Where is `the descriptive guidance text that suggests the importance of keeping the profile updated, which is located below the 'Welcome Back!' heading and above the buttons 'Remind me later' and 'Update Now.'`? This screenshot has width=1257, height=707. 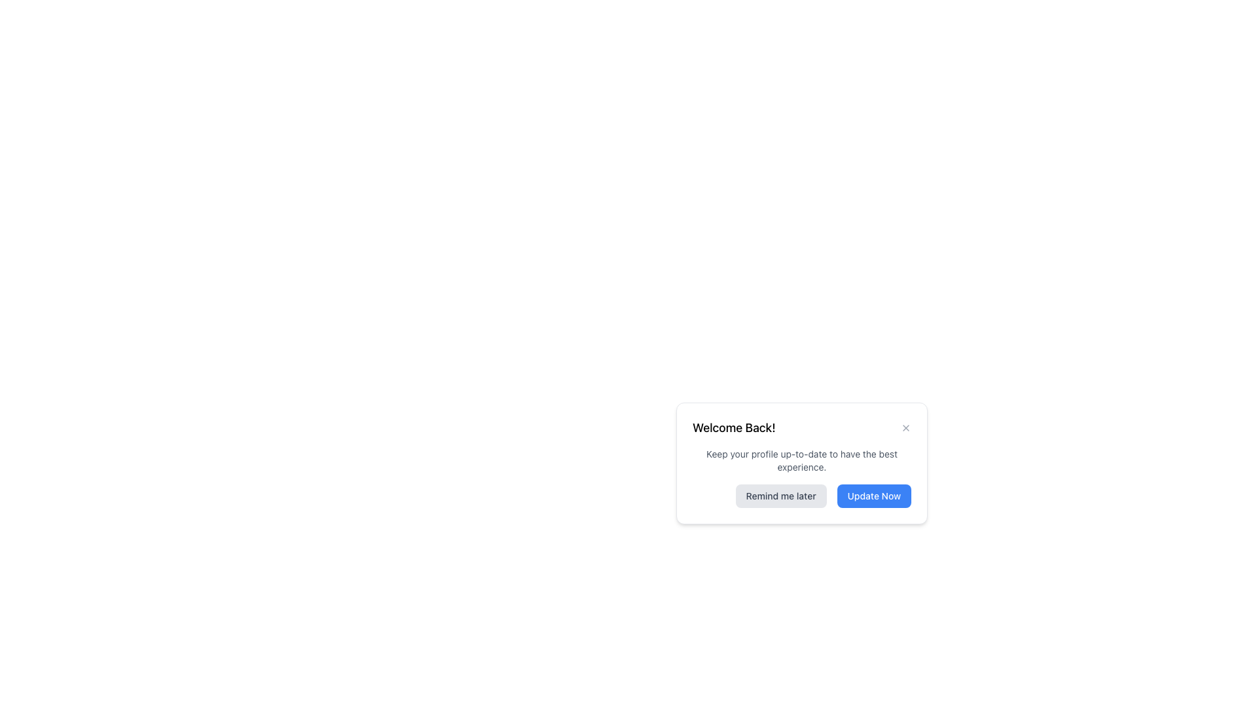
the descriptive guidance text that suggests the importance of keeping the profile updated, which is located below the 'Welcome Back!' heading and above the buttons 'Remind me later' and 'Update Now.' is located at coordinates (801, 460).